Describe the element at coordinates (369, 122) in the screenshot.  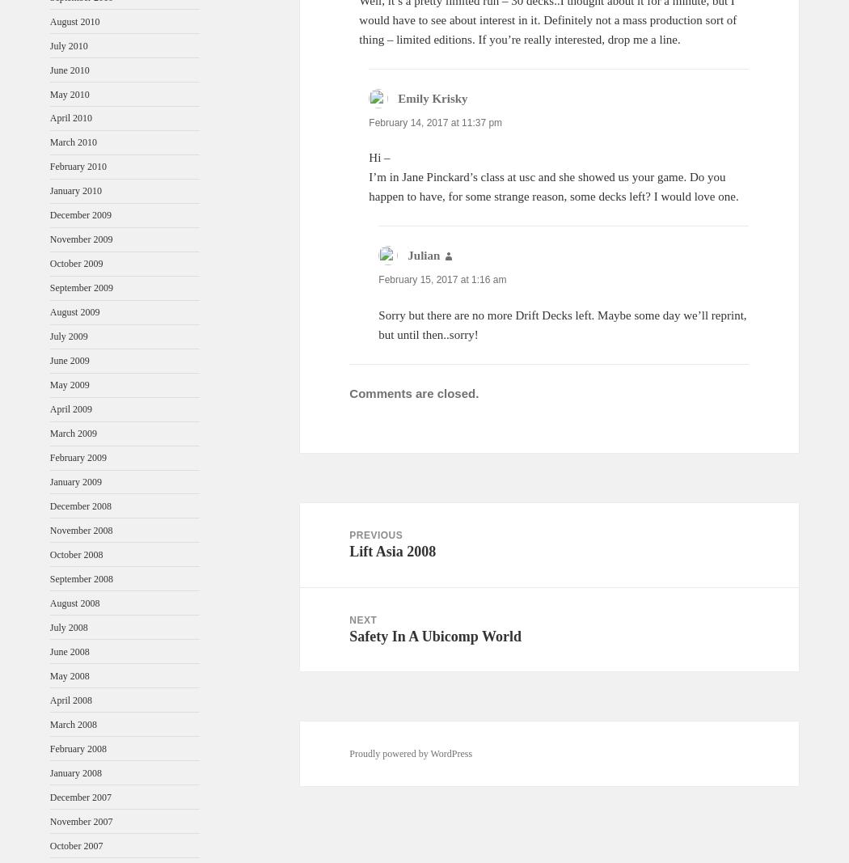
I see `'February 14, 2017 at 11:37 pm'` at that location.